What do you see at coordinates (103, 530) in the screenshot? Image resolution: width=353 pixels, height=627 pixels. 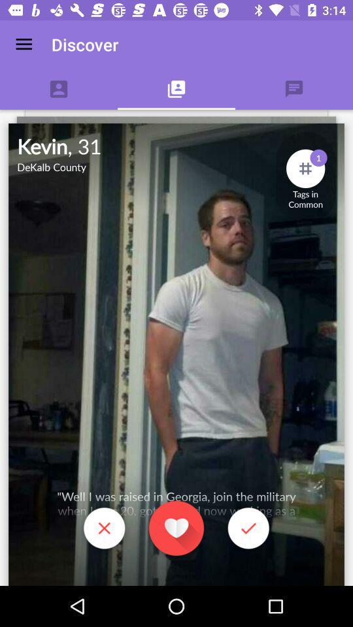 I see `the close icon` at bounding box center [103, 530].